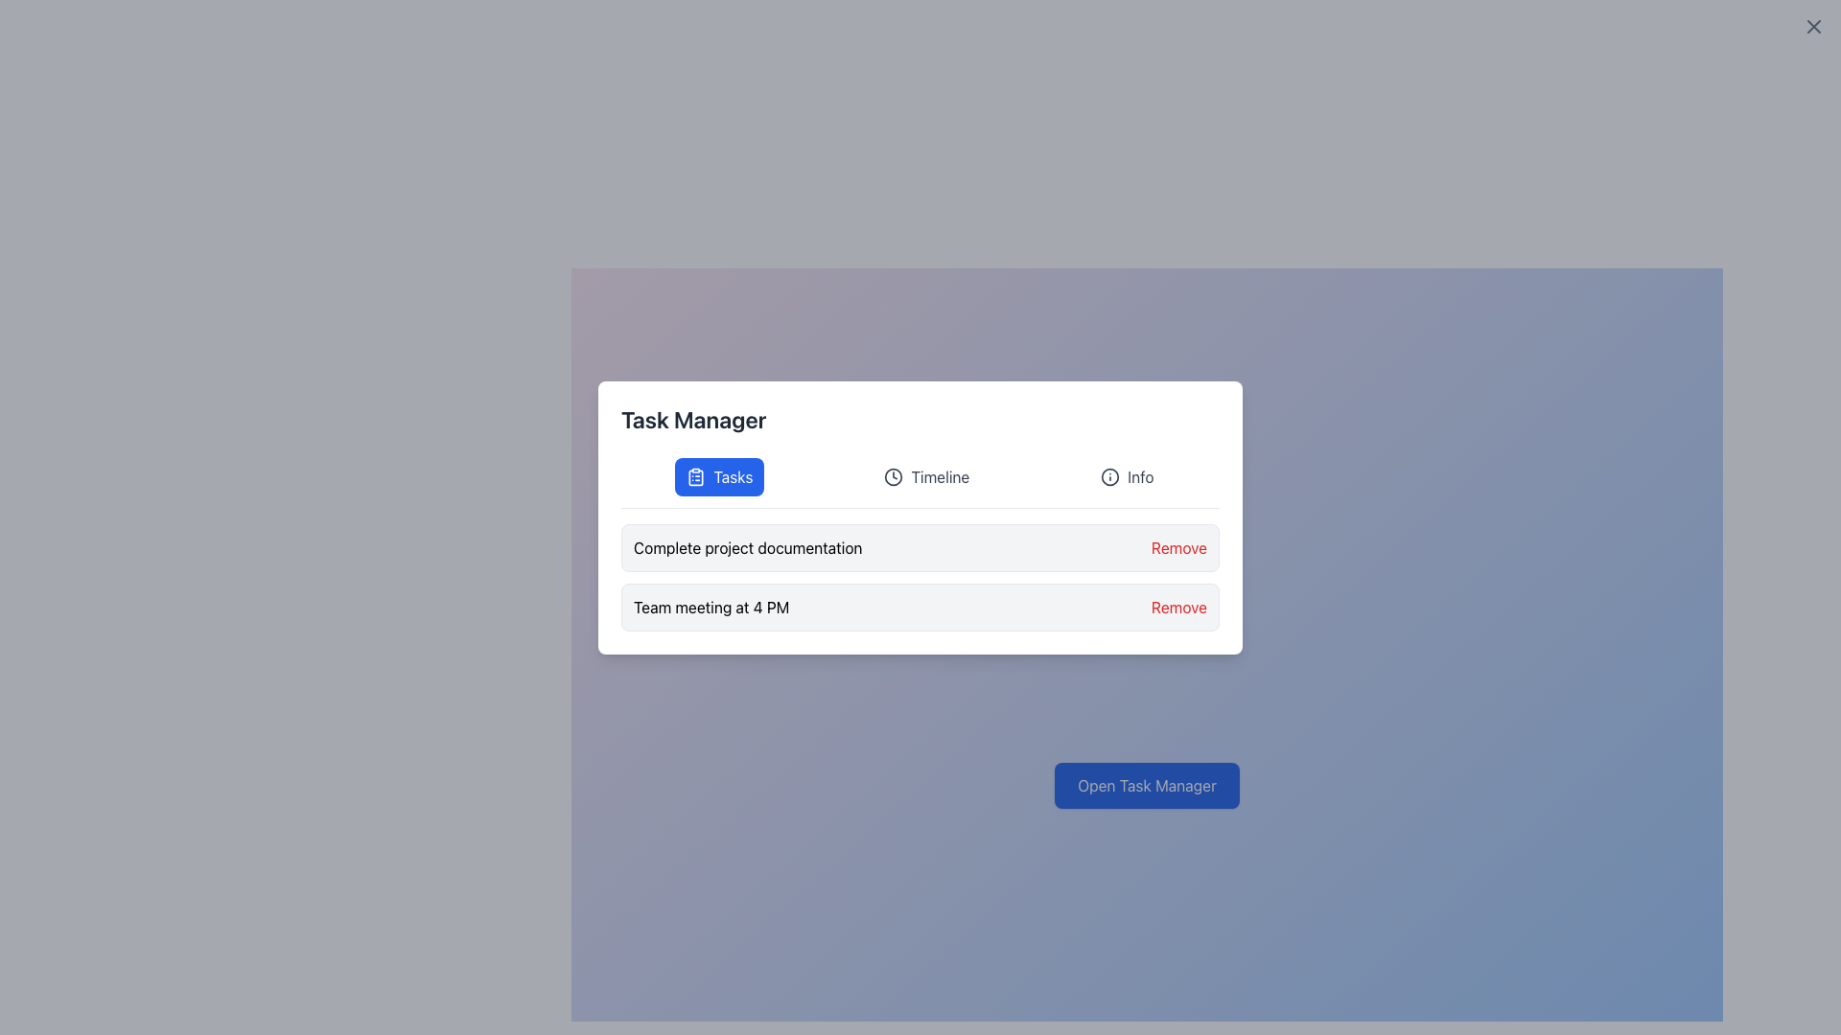 The height and width of the screenshot is (1035, 1841). Describe the element at coordinates (695, 475) in the screenshot. I see `the clipboard checklist icon located within the blue 'Tasks' button on the left side of the button` at that location.